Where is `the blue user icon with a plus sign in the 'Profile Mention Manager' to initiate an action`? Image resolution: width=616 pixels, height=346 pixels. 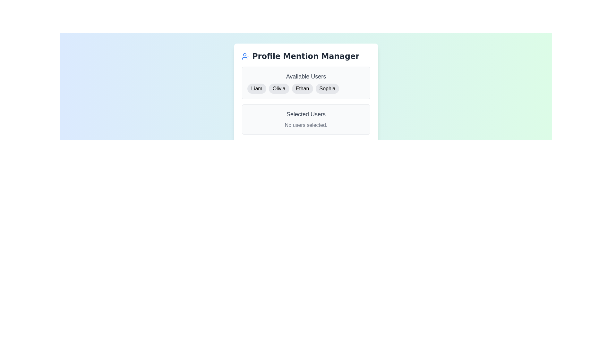
the blue user icon with a plus sign in the 'Profile Mention Manager' to initiate an action is located at coordinates (245, 56).